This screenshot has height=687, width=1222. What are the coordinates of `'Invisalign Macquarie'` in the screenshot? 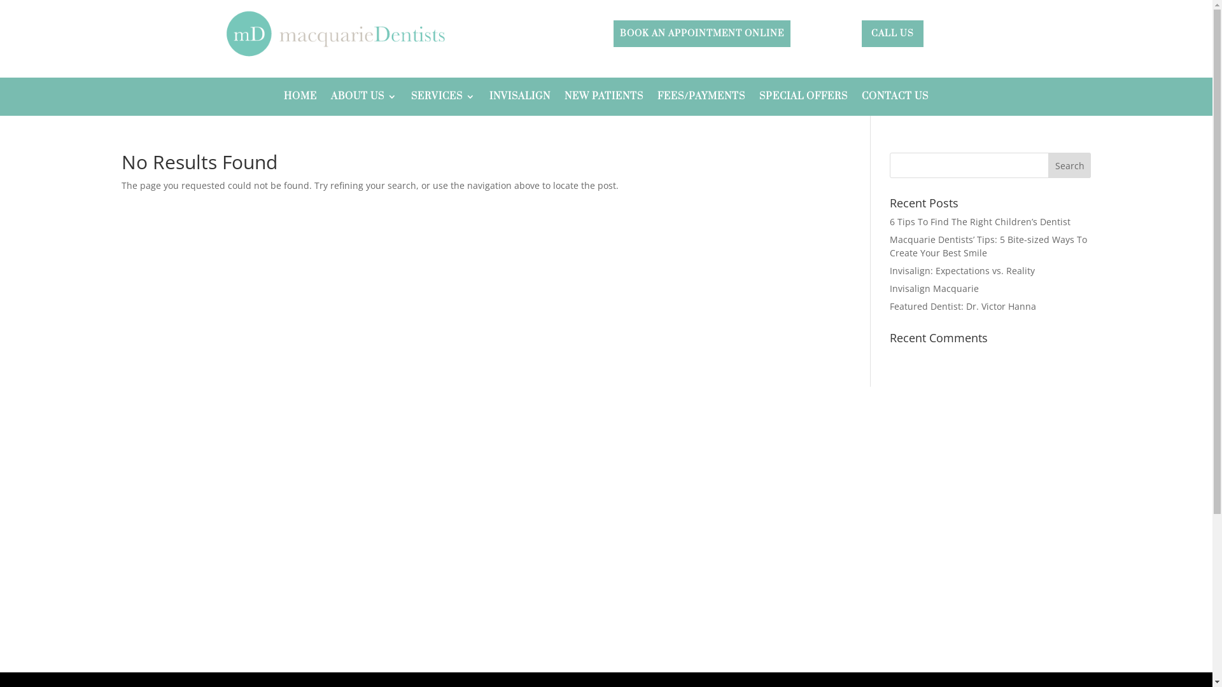 It's located at (934, 288).